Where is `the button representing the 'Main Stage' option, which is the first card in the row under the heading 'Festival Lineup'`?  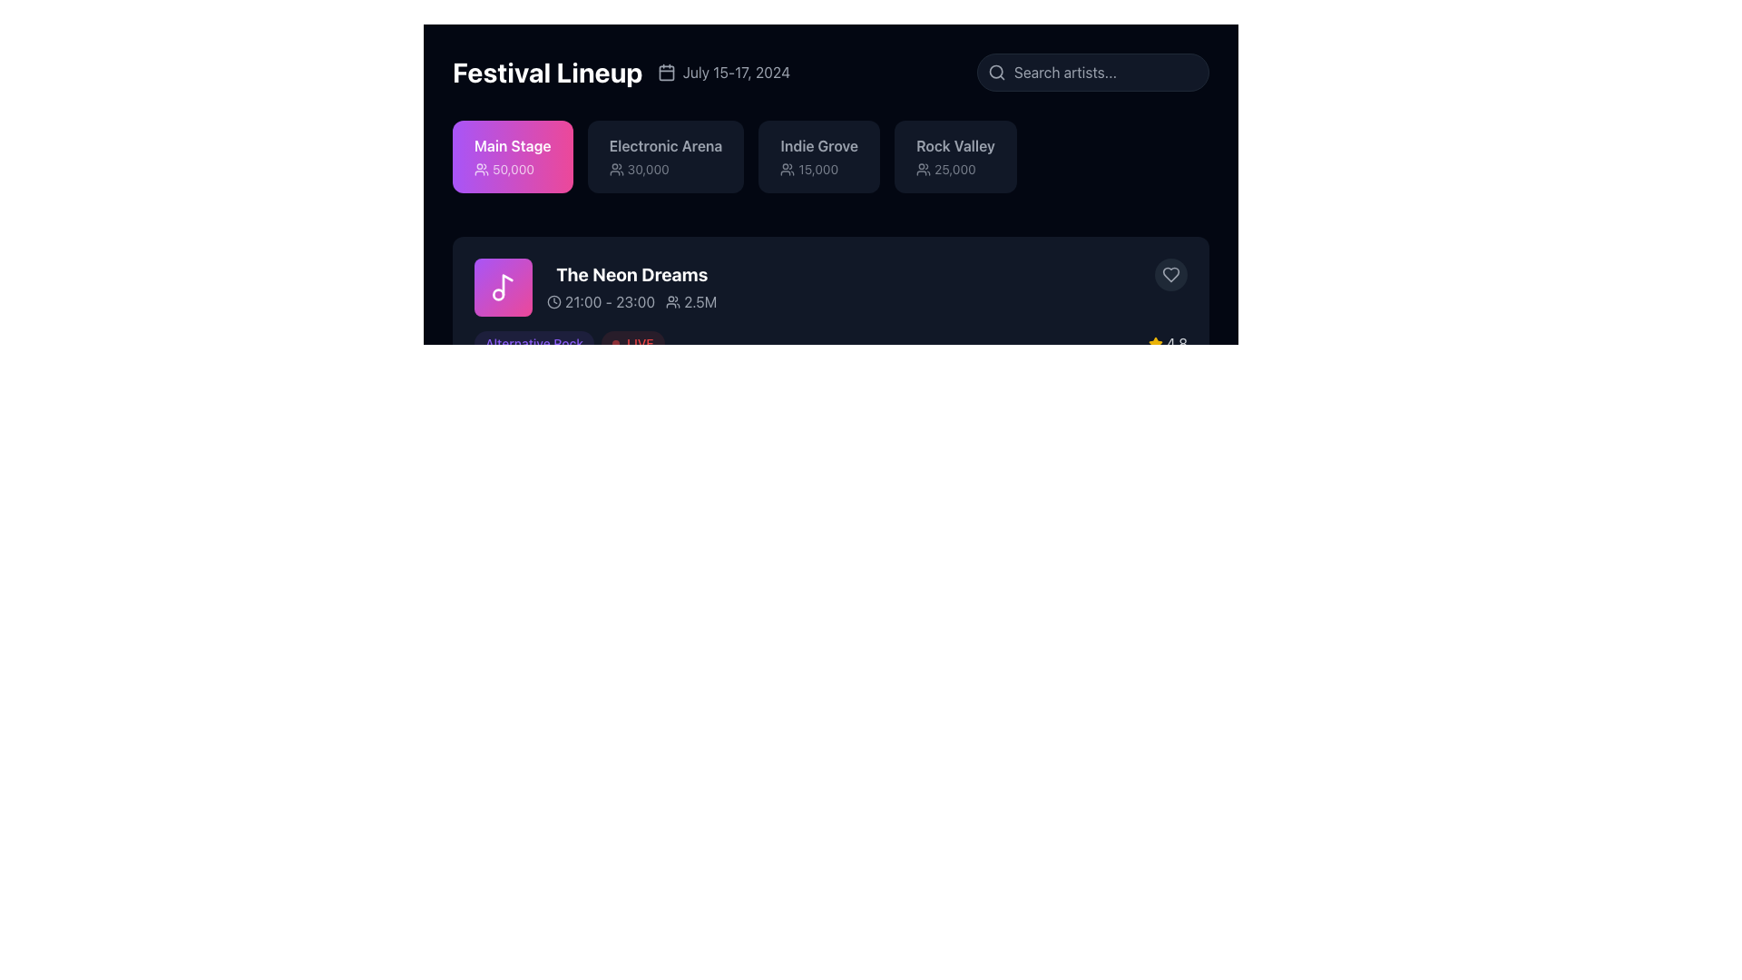 the button representing the 'Main Stage' option, which is the first card in the row under the heading 'Festival Lineup' is located at coordinates (512, 156).